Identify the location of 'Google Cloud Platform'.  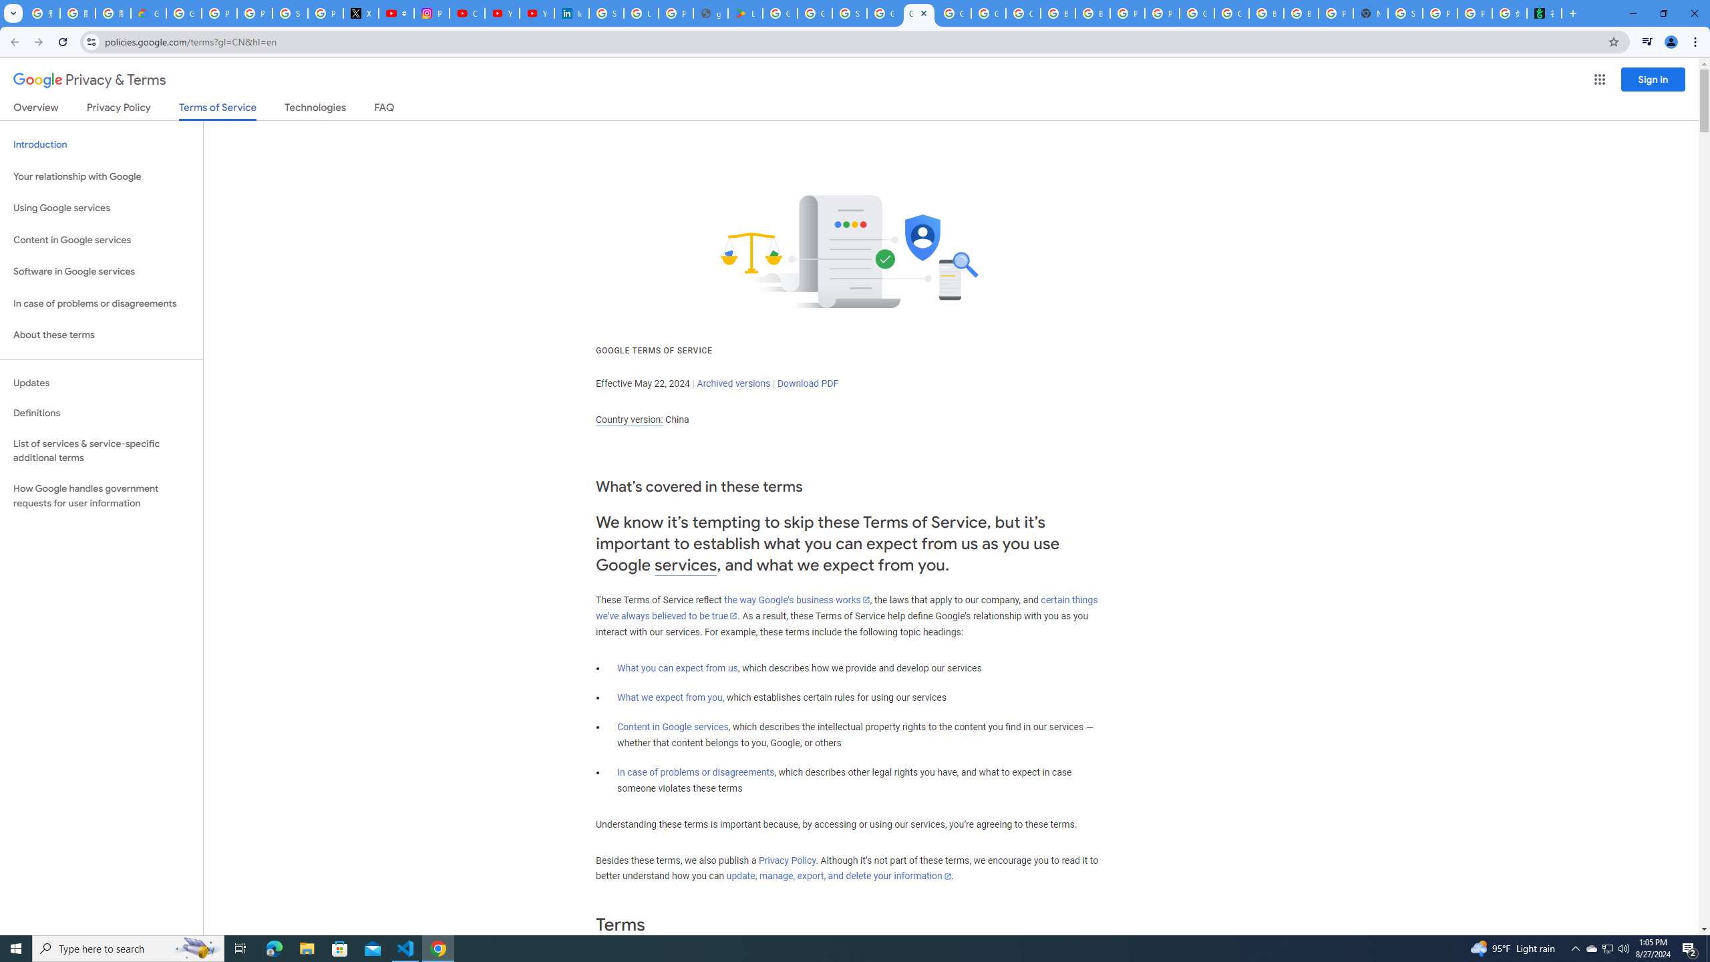
(1196, 13).